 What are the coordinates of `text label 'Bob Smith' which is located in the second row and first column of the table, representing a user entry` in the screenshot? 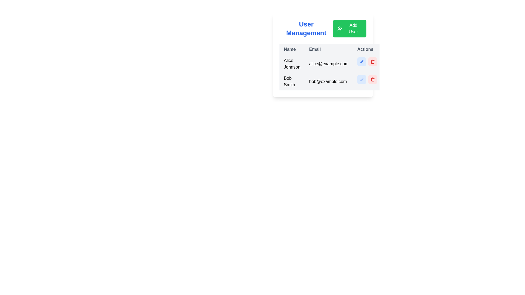 It's located at (292, 81).